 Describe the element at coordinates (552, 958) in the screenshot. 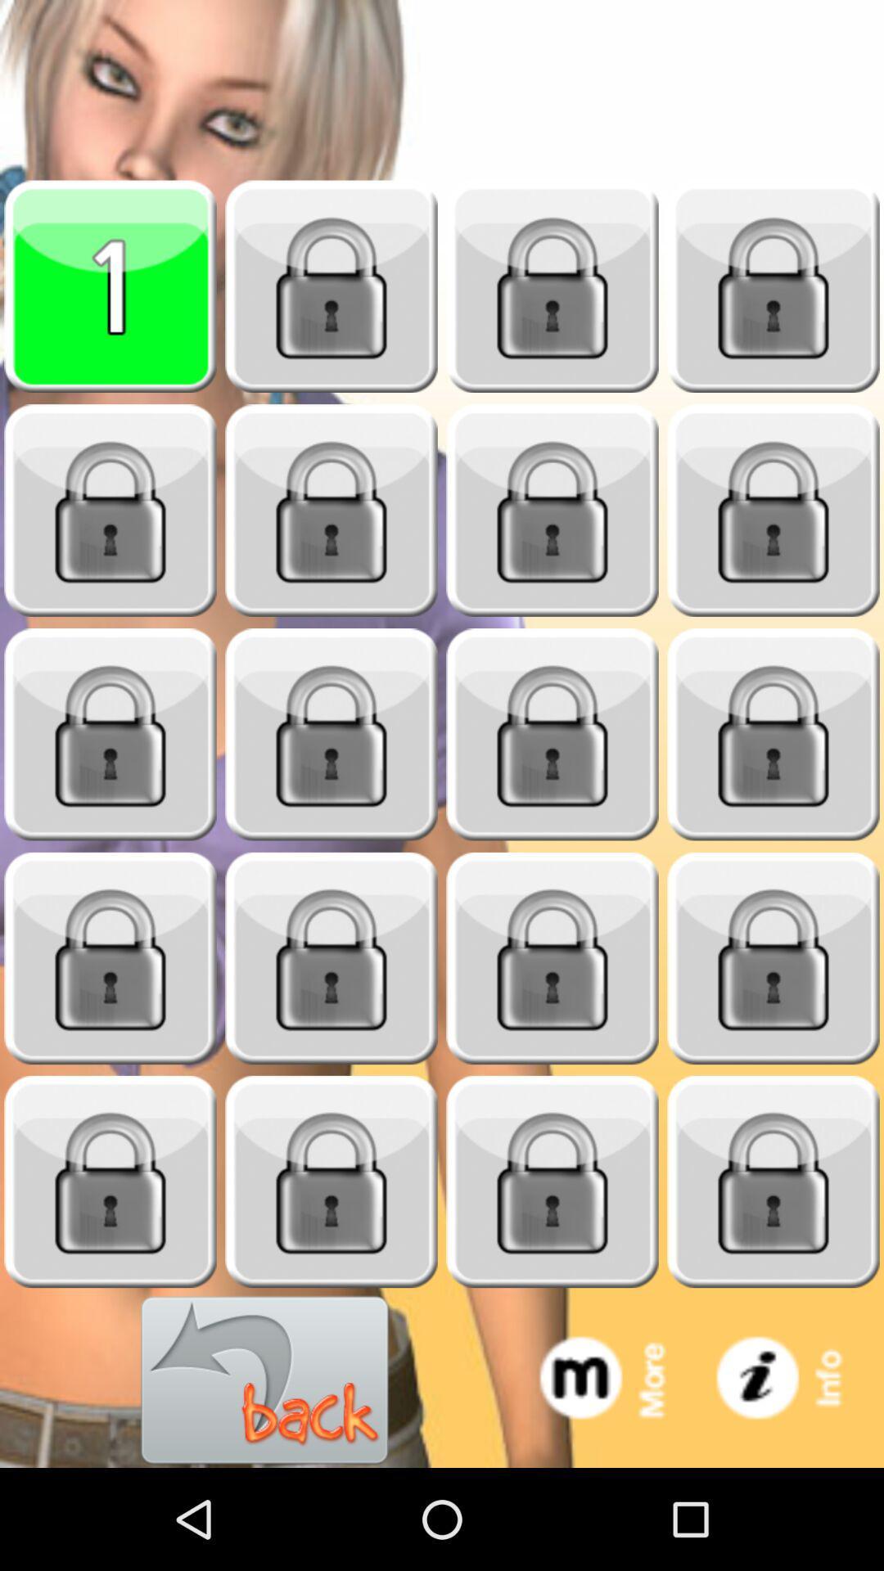

I see `blok` at that location.